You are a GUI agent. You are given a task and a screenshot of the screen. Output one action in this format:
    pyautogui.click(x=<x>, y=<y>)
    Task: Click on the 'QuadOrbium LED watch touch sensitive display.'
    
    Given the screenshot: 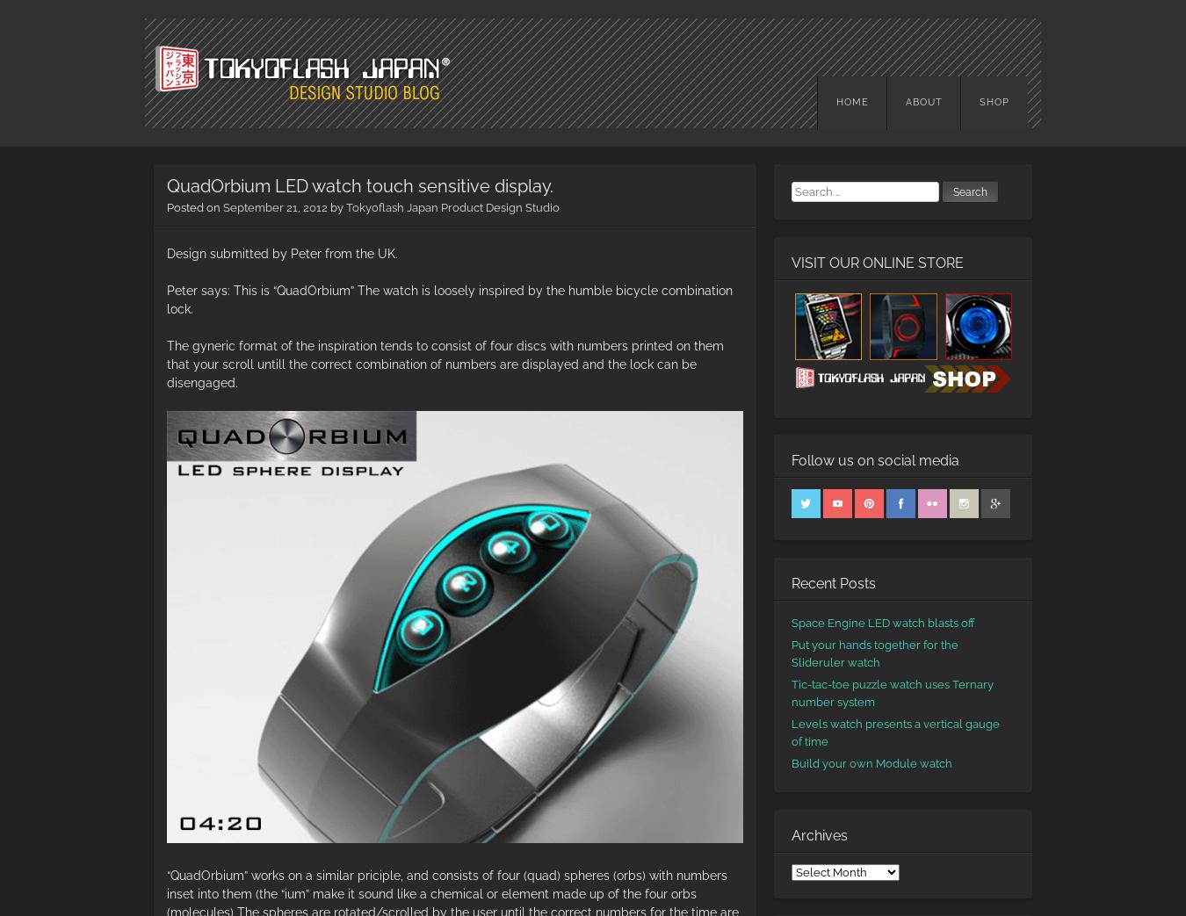 What is the action you would take?
    pyautogui.click(x=359, y=185)
    